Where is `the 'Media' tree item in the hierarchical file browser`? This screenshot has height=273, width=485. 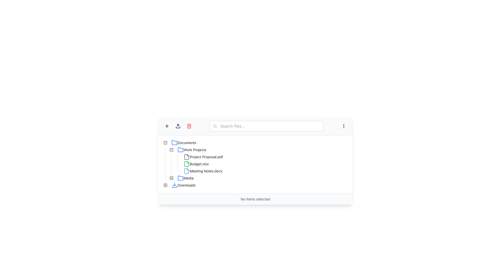 the 'Media' tree item in the hierarchical file browser is located at coordinates (185, 178).